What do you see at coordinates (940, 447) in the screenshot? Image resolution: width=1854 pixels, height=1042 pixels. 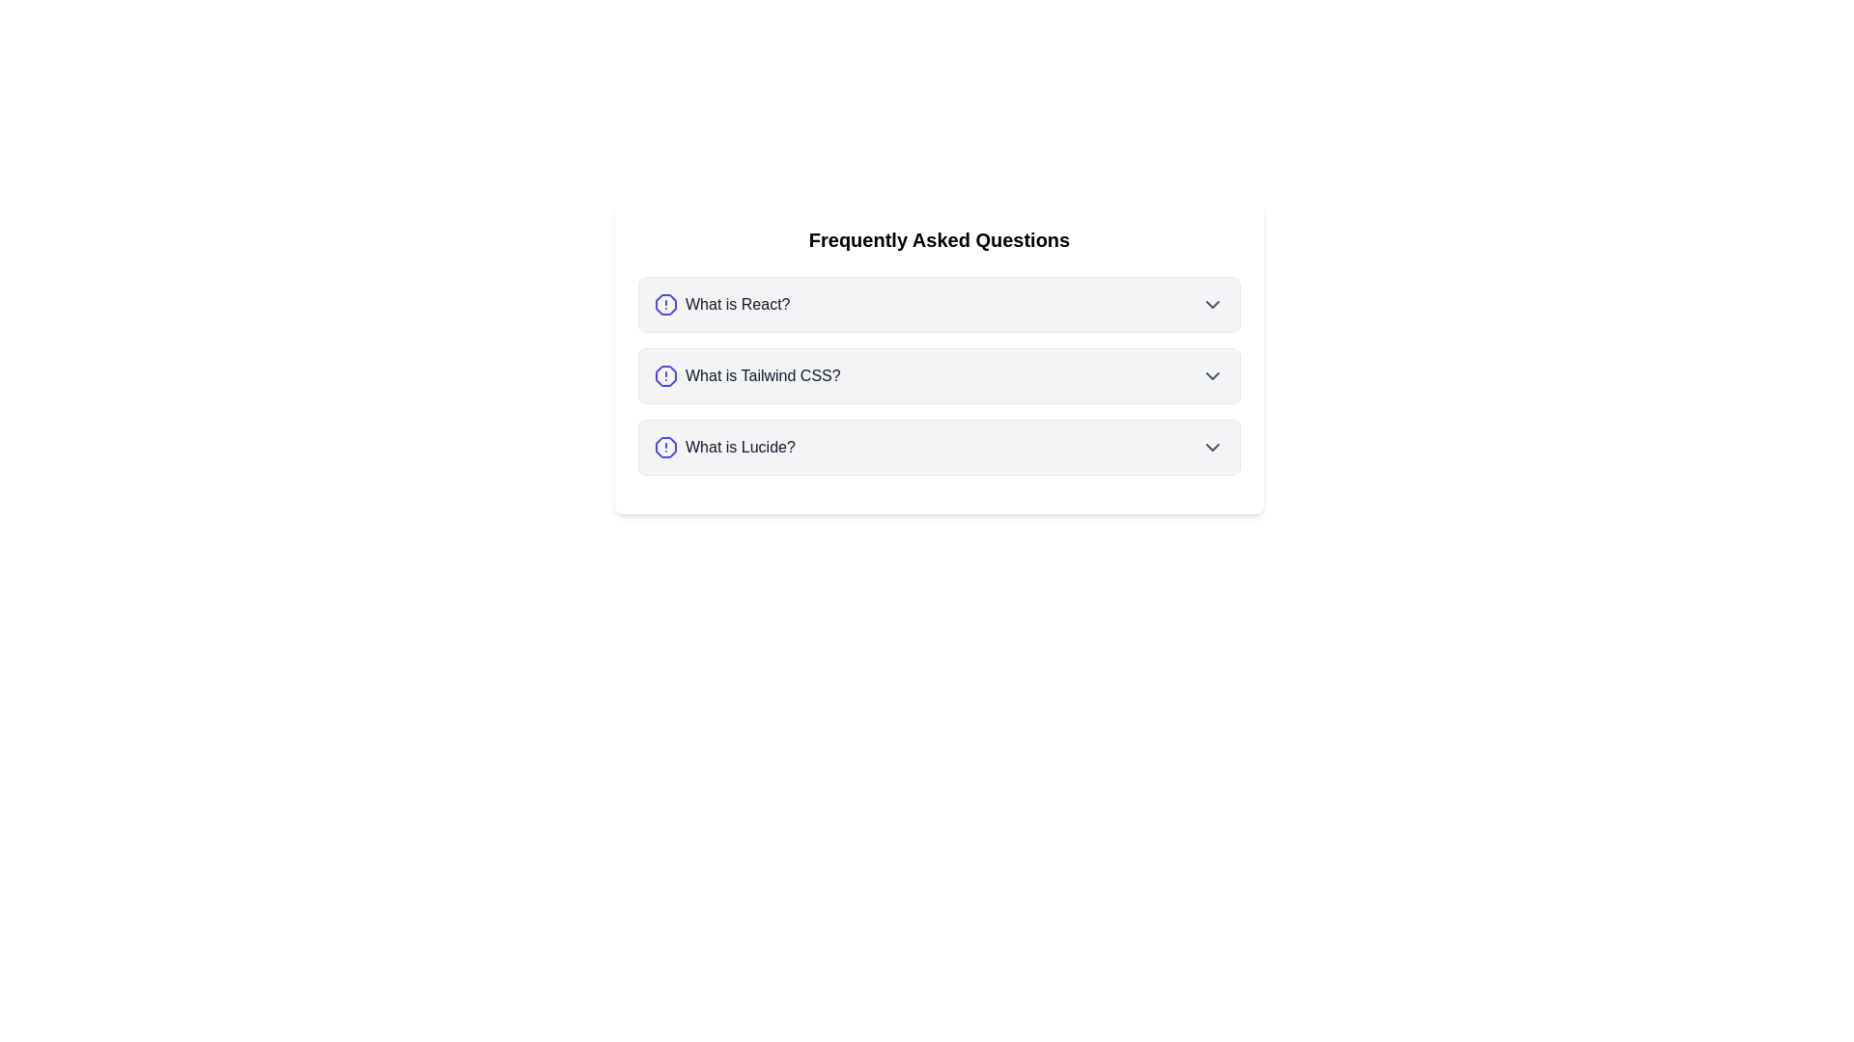 I see `the collapsible list item labeled 'What is Lucide?' to read its content` at bounding box center [940, 447].